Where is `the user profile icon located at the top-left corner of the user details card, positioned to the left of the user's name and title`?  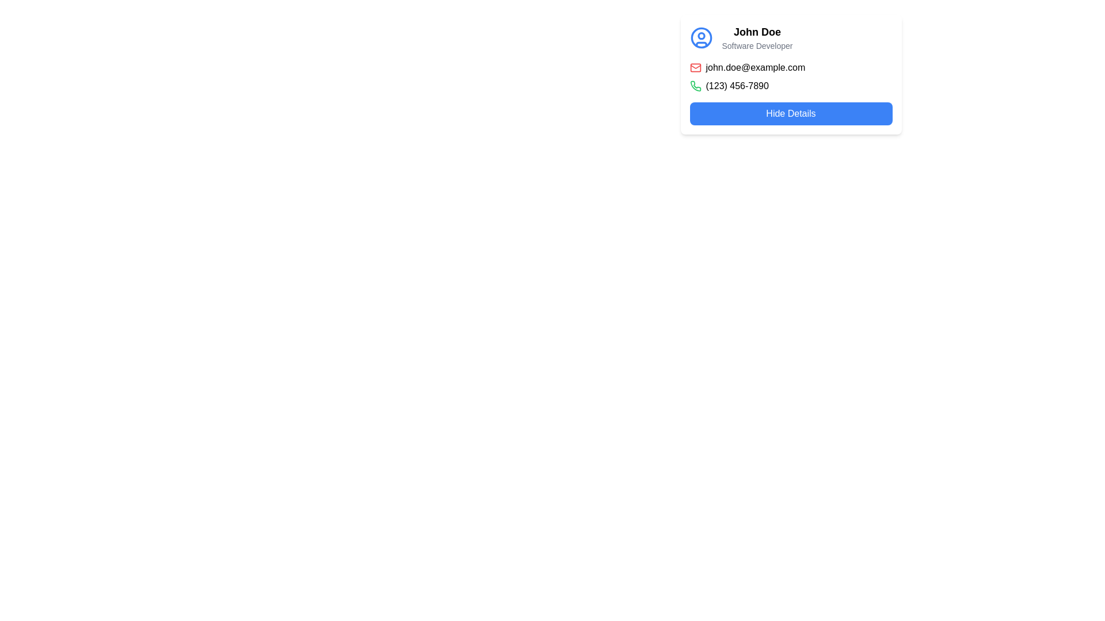 the user profile icon located at the top-left corner of the user details card, positioned to the left of the user's name and title is located at coordinates (700, 37).